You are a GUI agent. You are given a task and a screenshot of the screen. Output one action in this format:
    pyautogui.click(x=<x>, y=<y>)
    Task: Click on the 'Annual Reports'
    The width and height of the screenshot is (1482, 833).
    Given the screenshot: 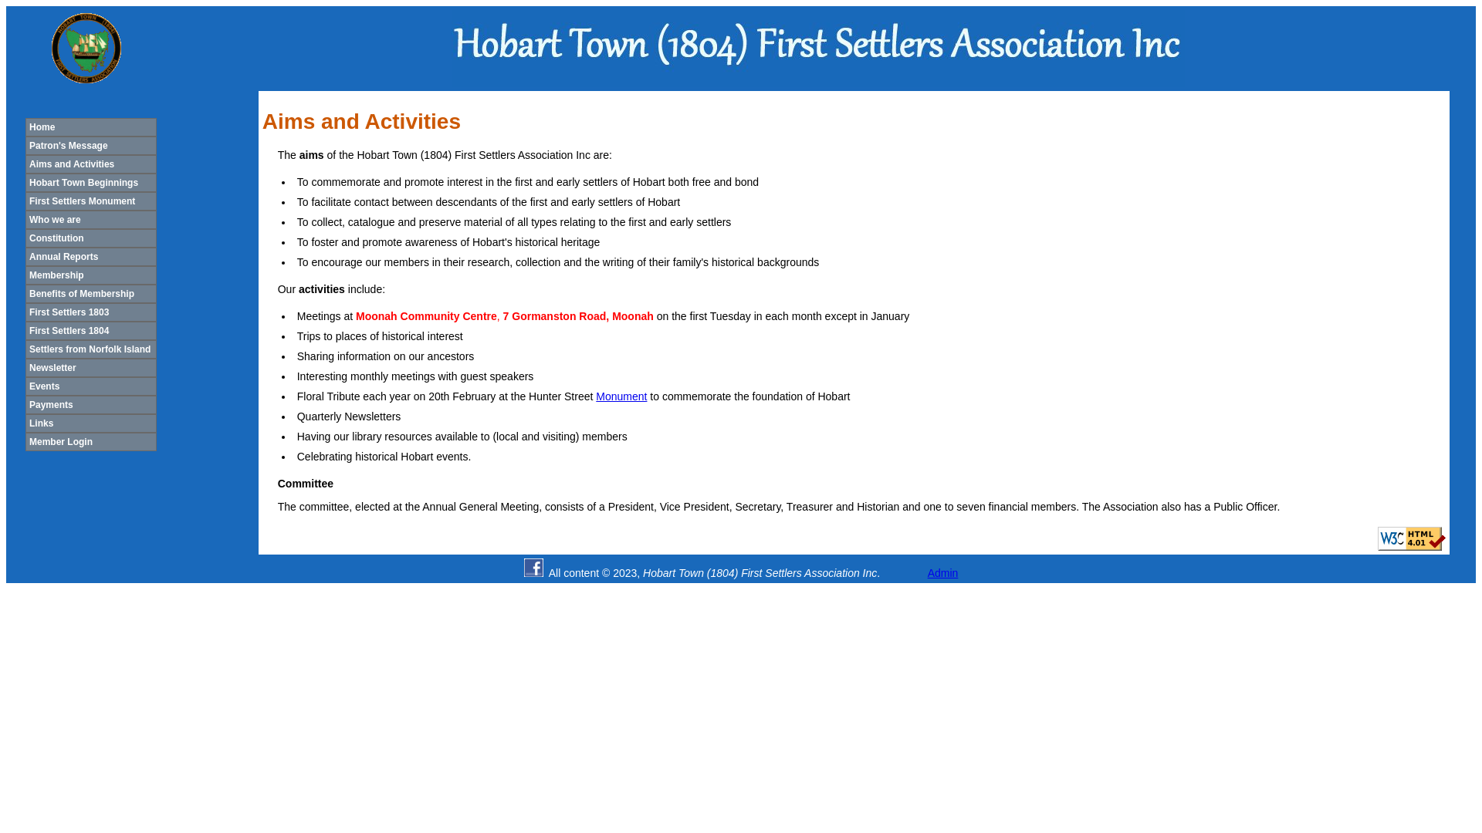 What is the action you would take?
    pyautogui.click(x=25, y=255)
    